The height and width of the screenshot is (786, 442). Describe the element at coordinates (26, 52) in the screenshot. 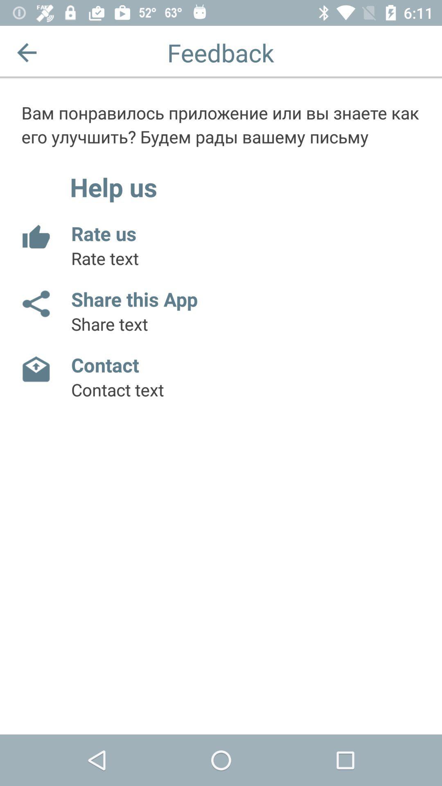

I see `go back` at that location.